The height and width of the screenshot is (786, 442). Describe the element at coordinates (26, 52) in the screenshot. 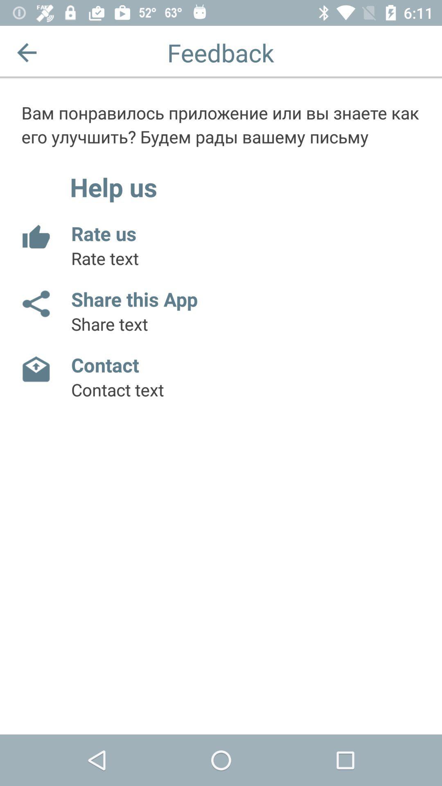

I see `go back` at that location.